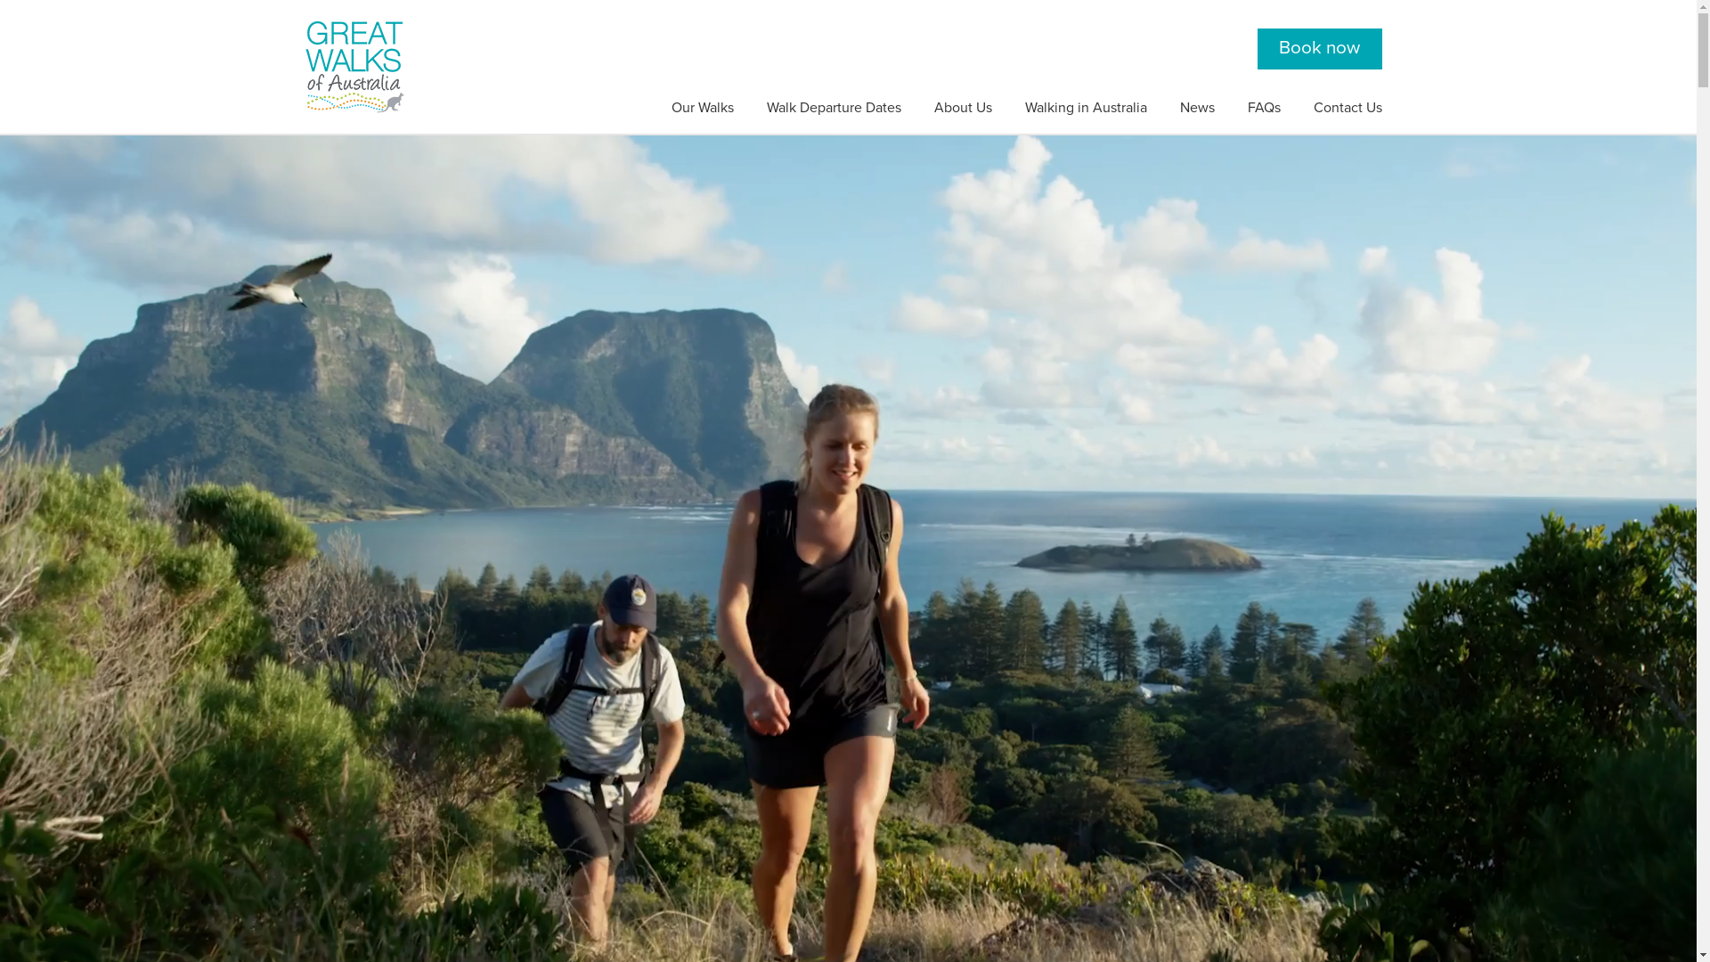 The width and height of the screenshot is (1710, 962). Describe the element at coordinates (1196, 109) in the screenshot. I see `'News'` at that location.